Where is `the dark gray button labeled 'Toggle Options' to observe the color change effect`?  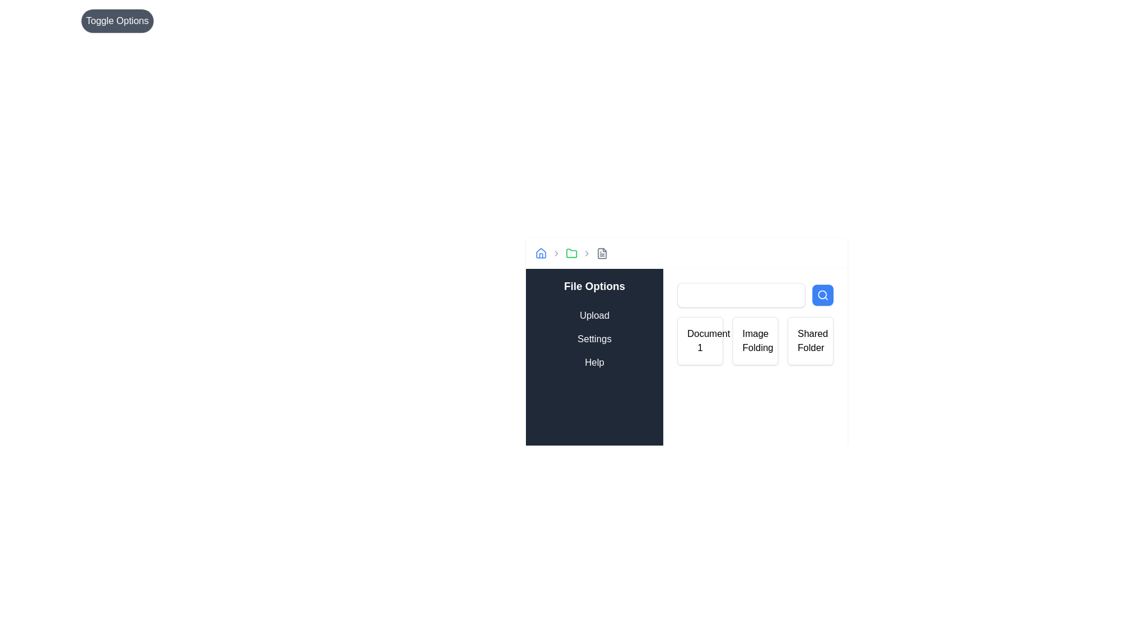 the dark gray button labeled 'Toggle Options' to observe the color change effect is located at coordinates (117, 21).